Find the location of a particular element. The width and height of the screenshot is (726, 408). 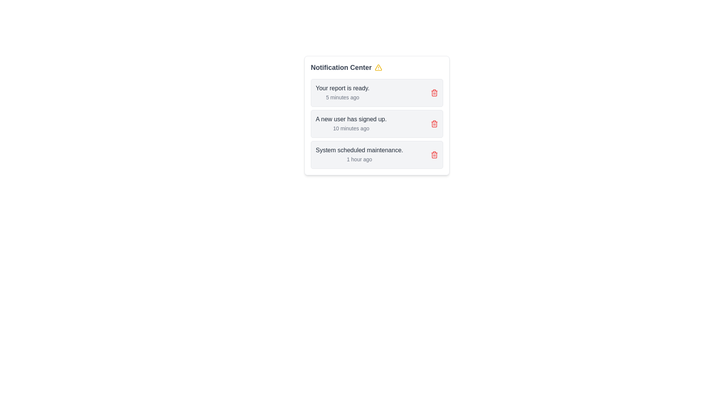

the delete button located at the bottom of the notification panel is located at coordinates (434, 154).